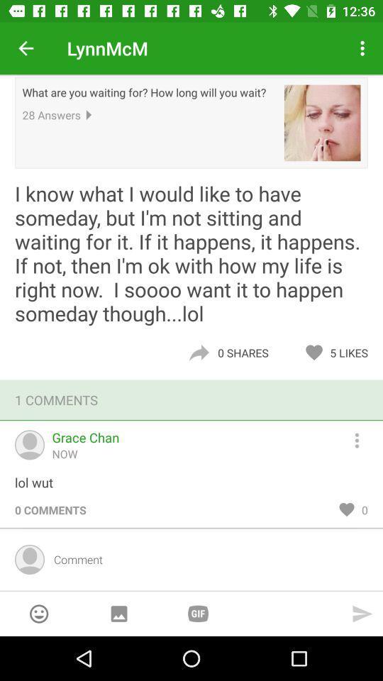 Image resolution: width=383 pixels, height=681 pixels. What do you see at coordinates (206, 559) in the screenshot?
I see `typed message for all to see` at bounding box center [206, 559].